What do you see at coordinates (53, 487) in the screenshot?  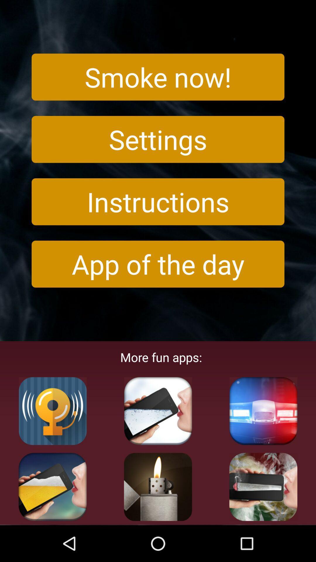 I see `fun apps button` at bounding box center [53, 487].